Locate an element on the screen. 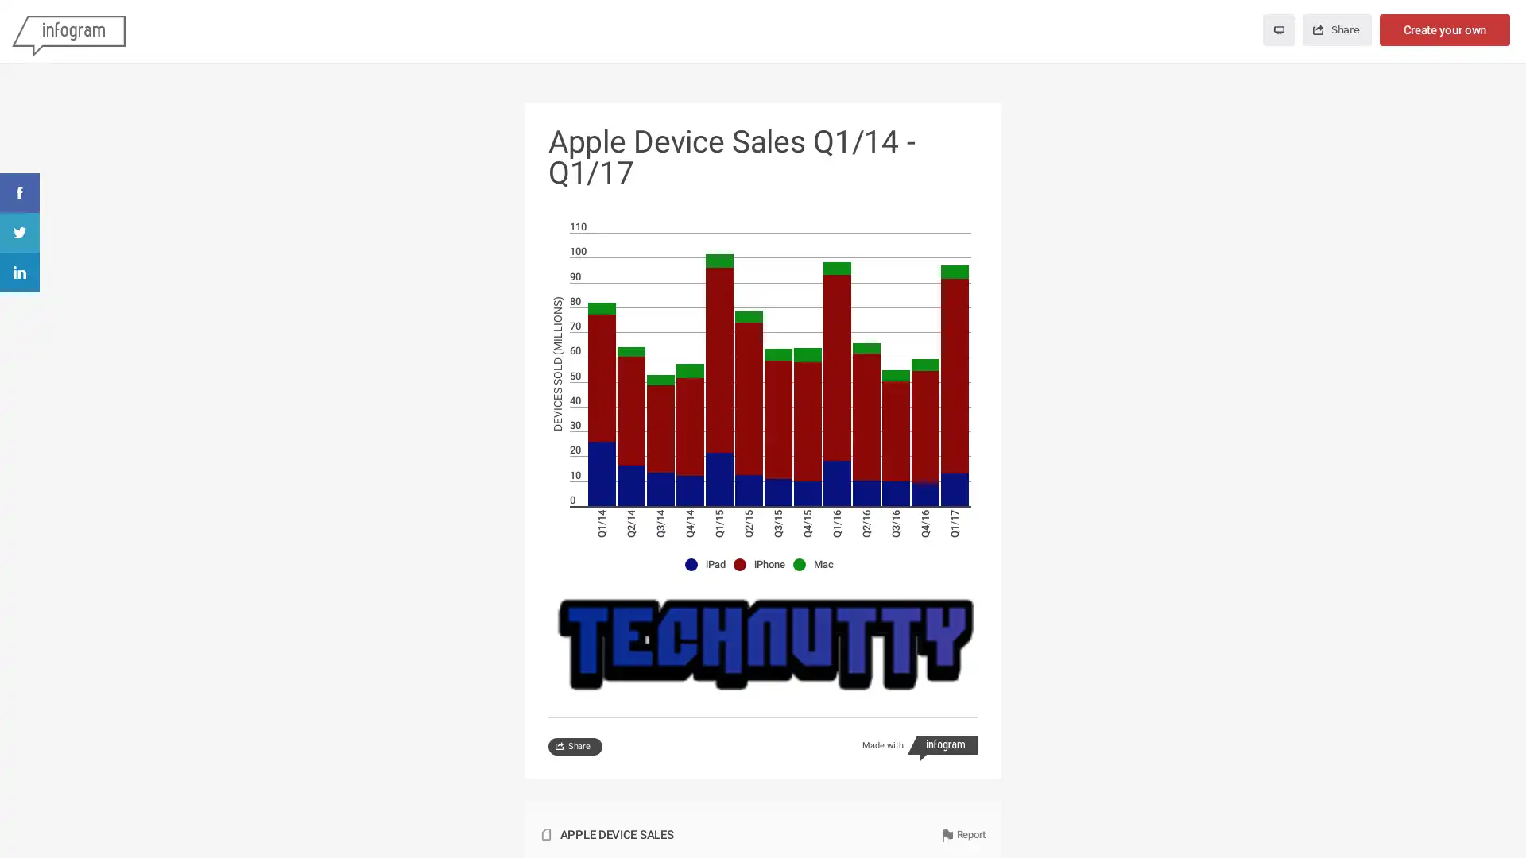  Share is located at coordinates (1335, 30).